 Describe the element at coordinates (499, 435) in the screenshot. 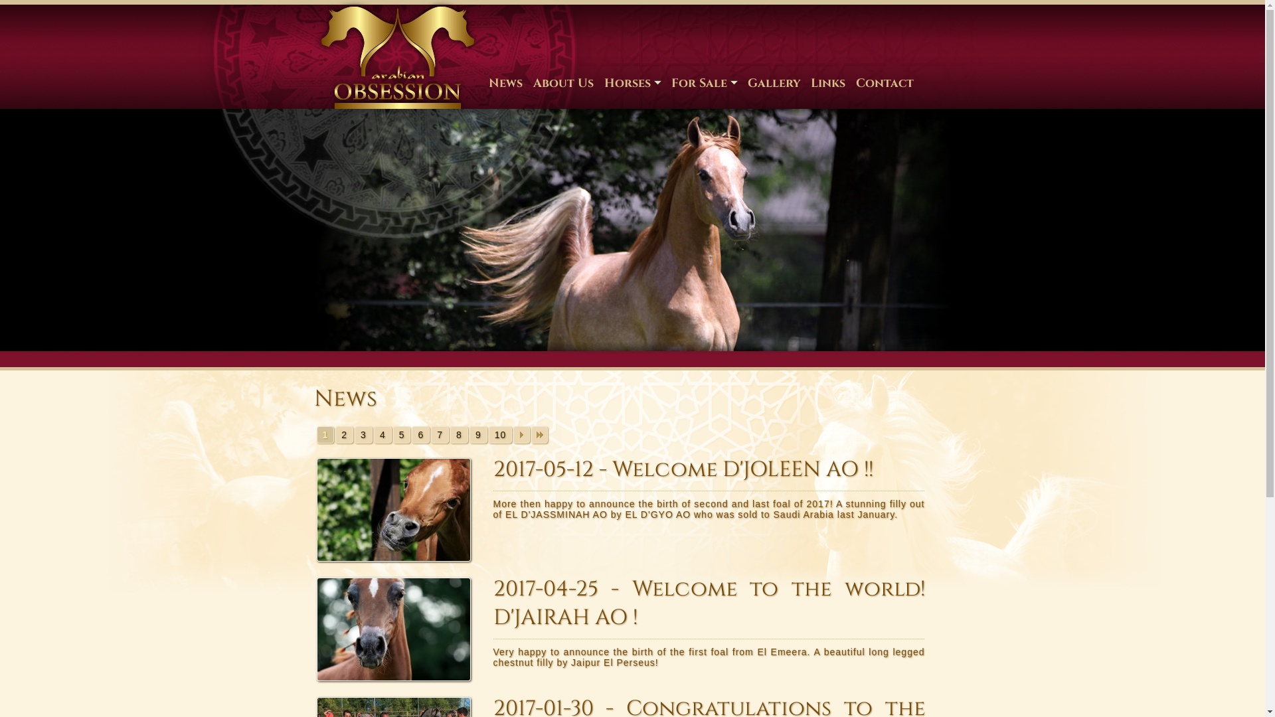

I see `'10'` at that location.